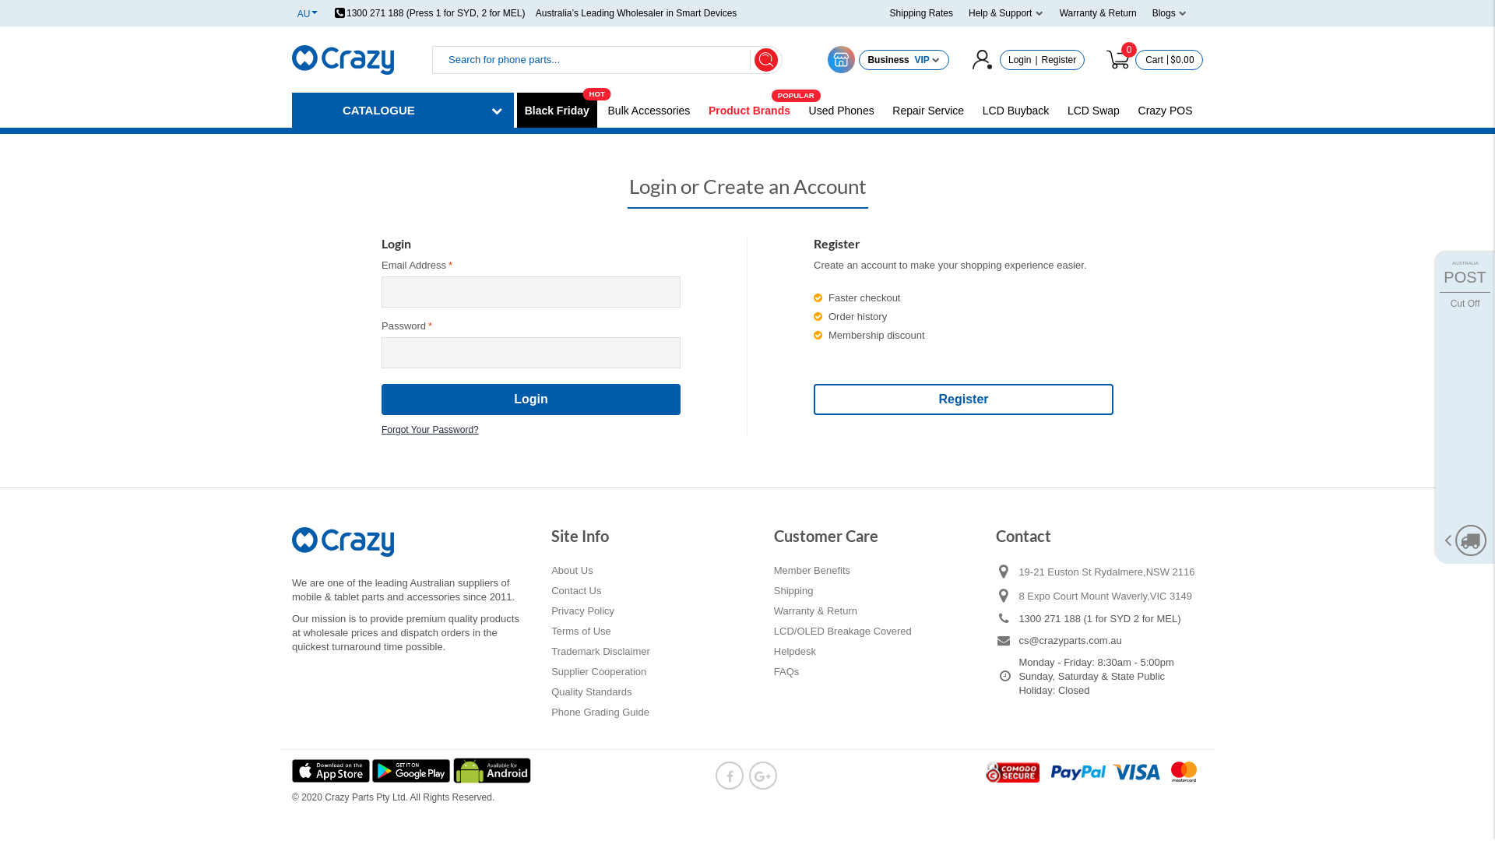 This screenshot has width=1495, height=841. I want to click on 'Facebook', so click(728, 775).